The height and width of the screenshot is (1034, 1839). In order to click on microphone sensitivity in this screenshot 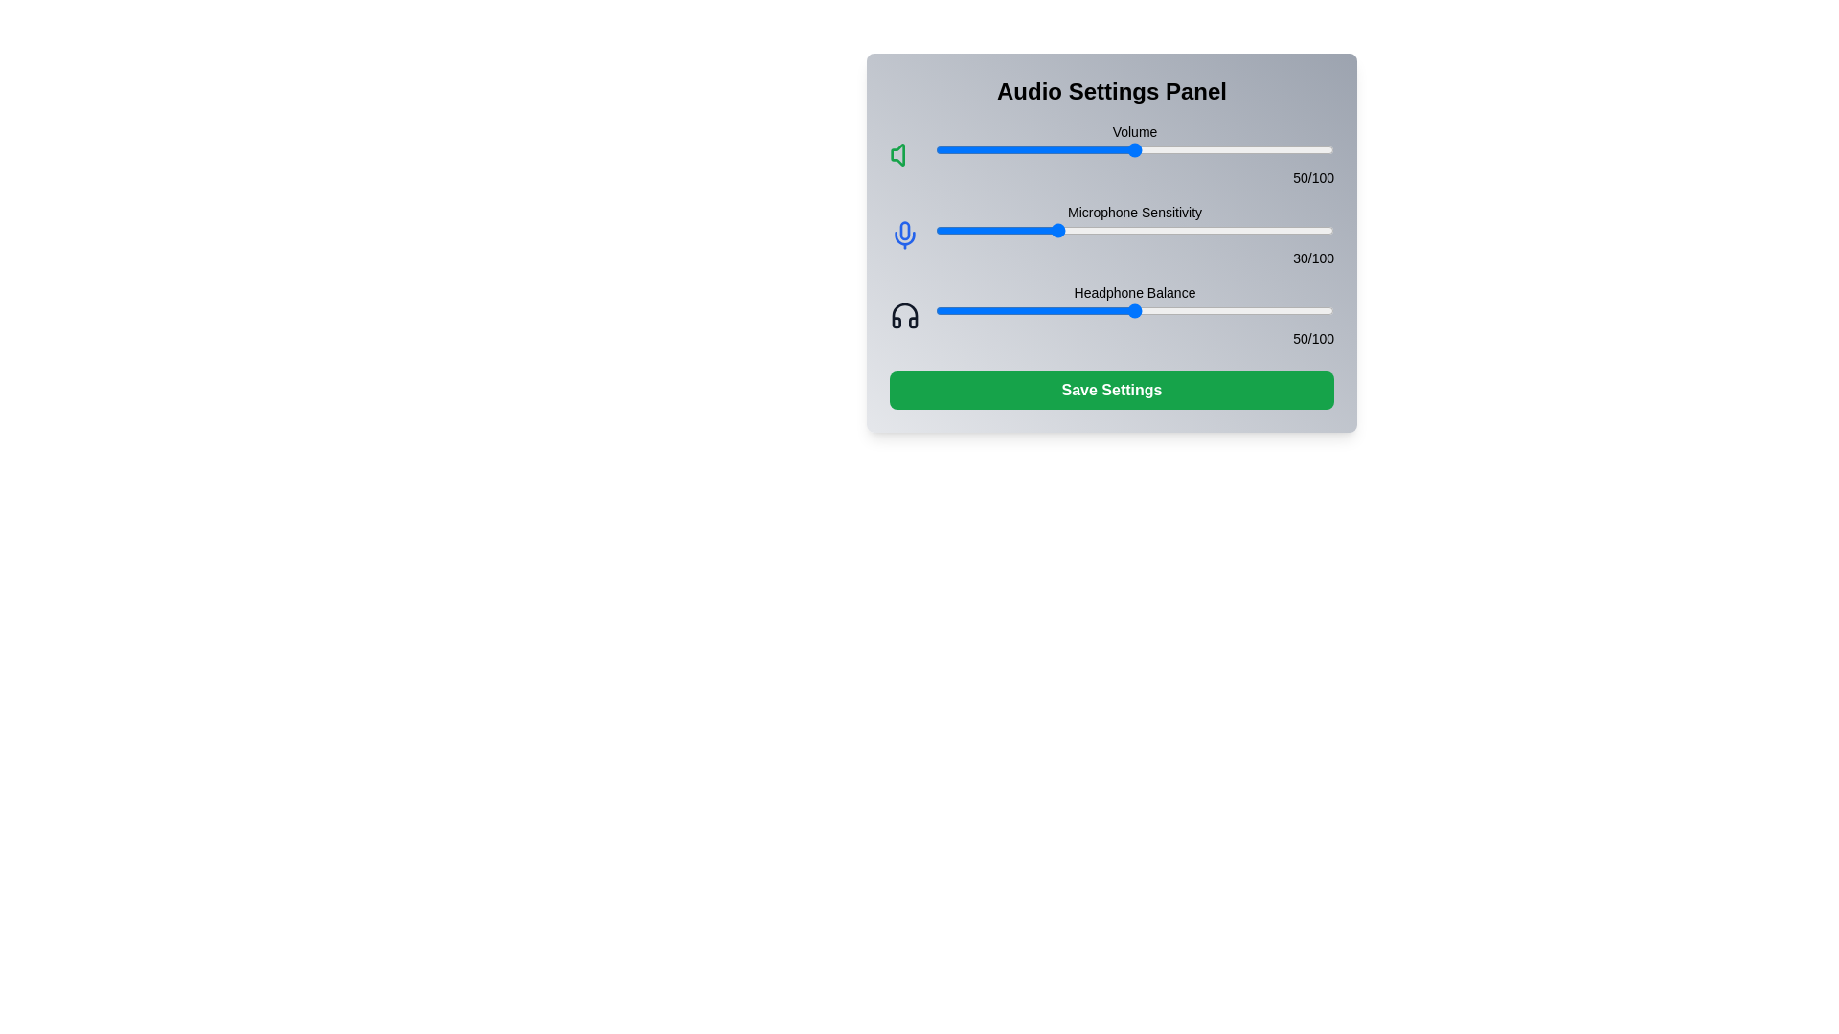, I will do `click(1226, 229)`.